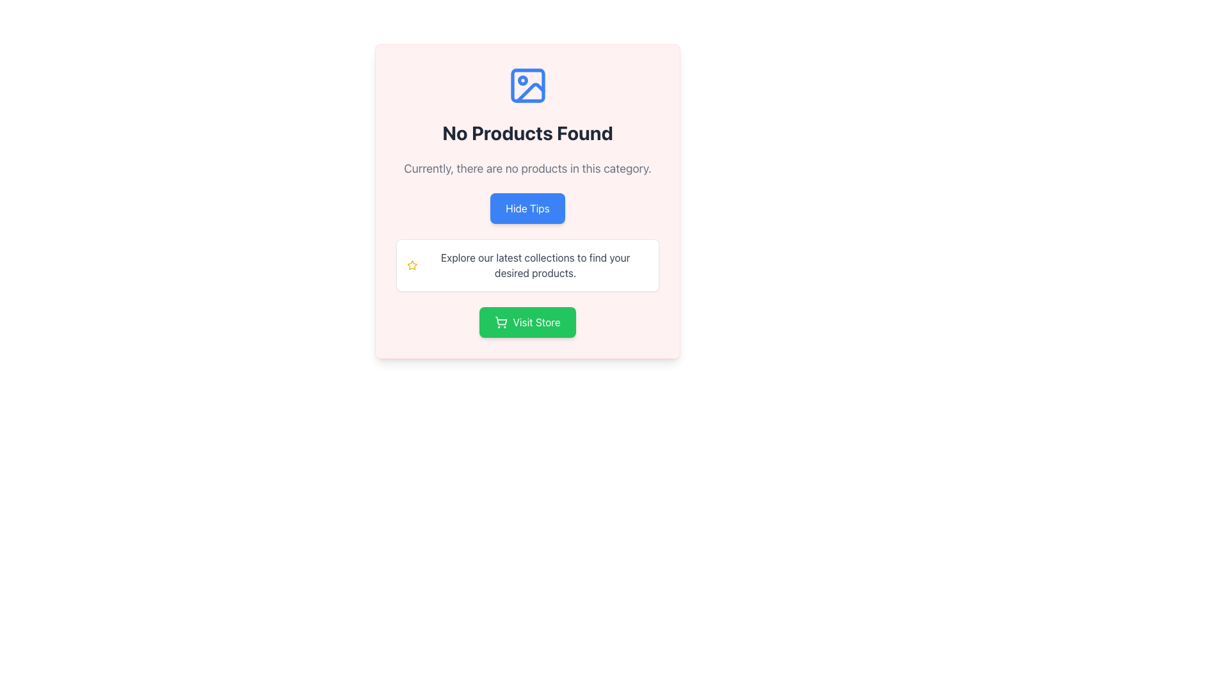 This screenshot has width=1229, height=691. Describe the element at coordinates (527, 265) in the screenshot. I see `the informational text with an icon that encourages users` at that location.